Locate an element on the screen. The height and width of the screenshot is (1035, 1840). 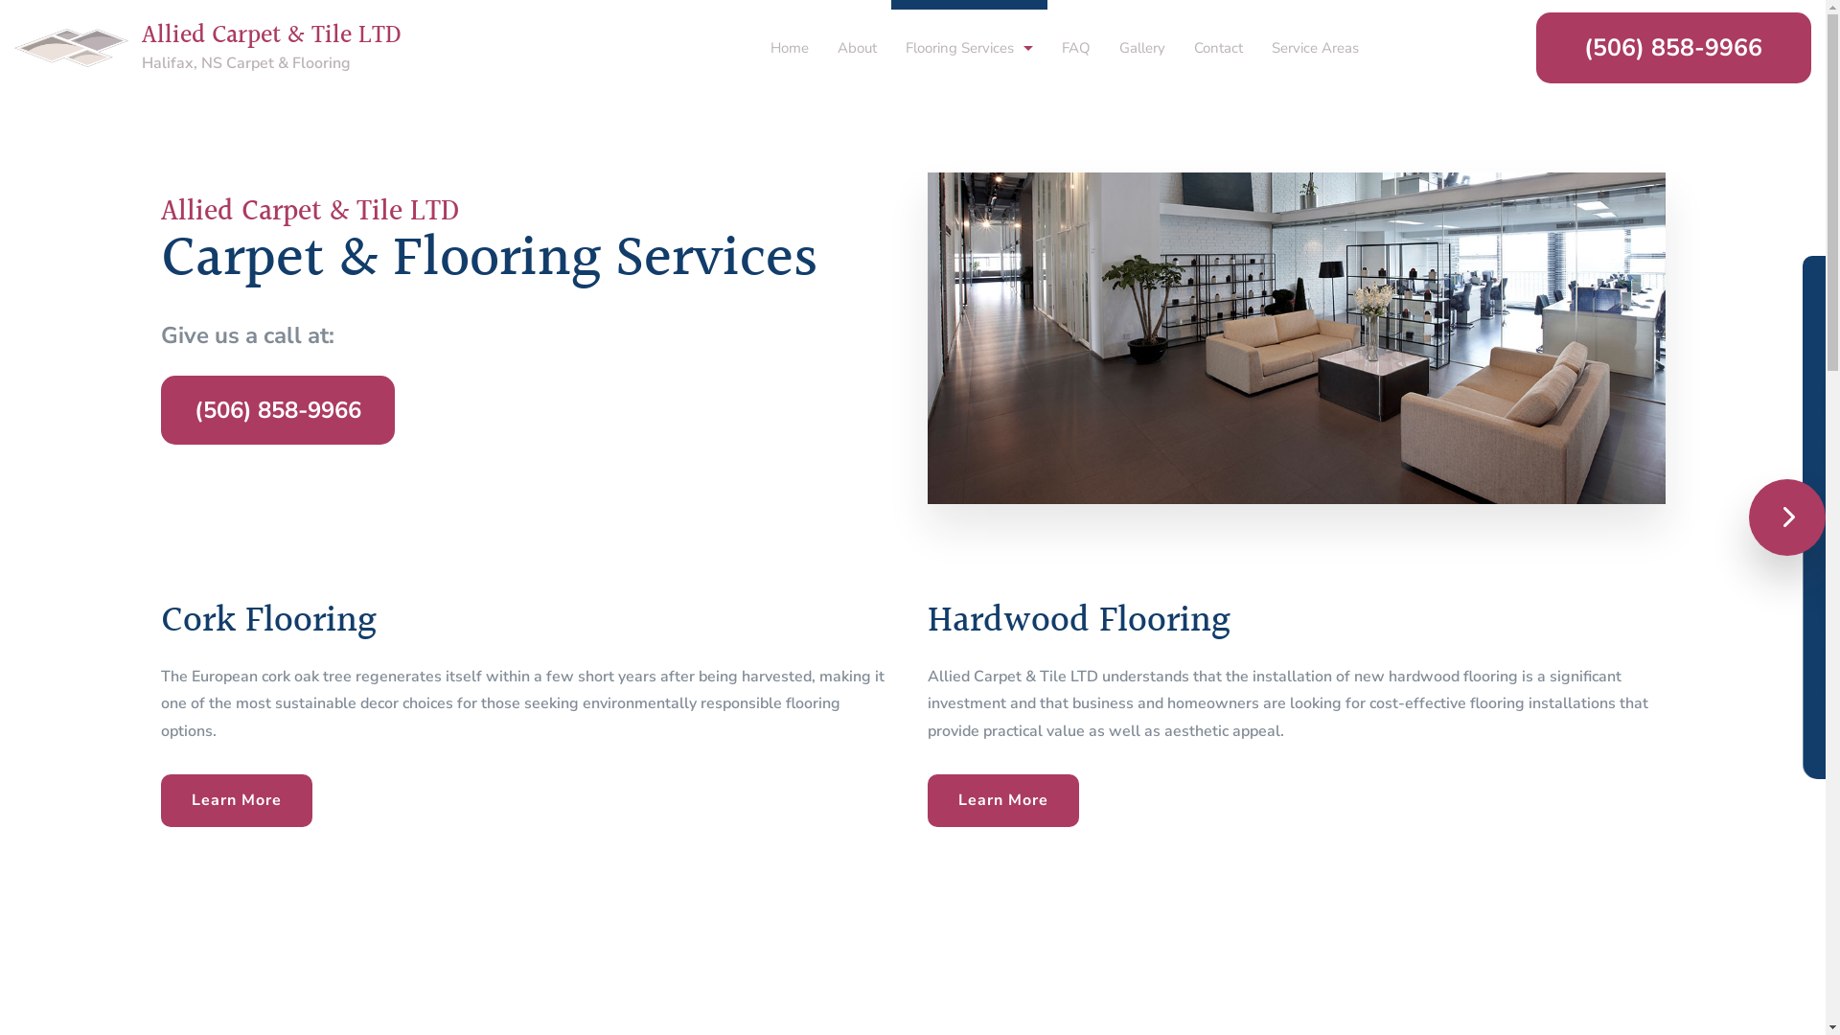
'Gallery' is located at coordinates (1141, 34).